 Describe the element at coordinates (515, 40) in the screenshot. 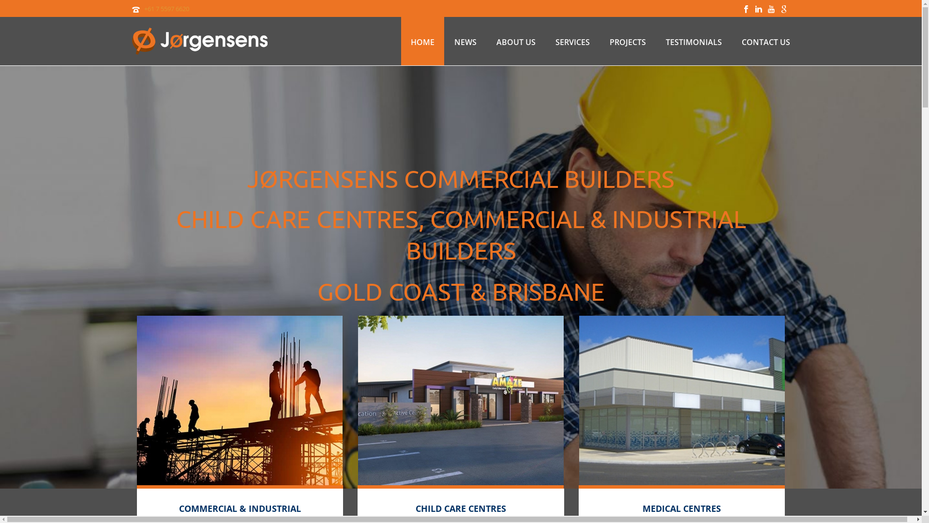

I see `'ABOUT US'` at that location.